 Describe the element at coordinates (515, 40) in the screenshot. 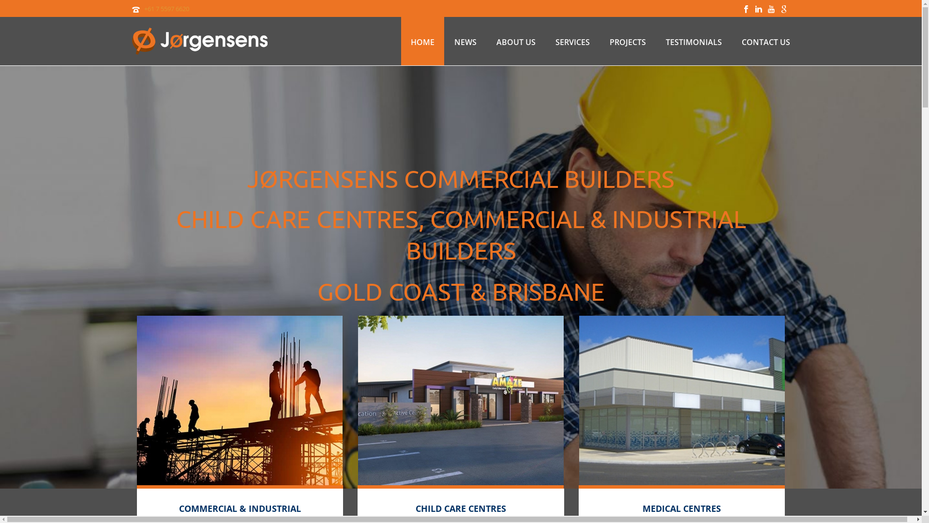

I see `'ABOUT US'` at that location.